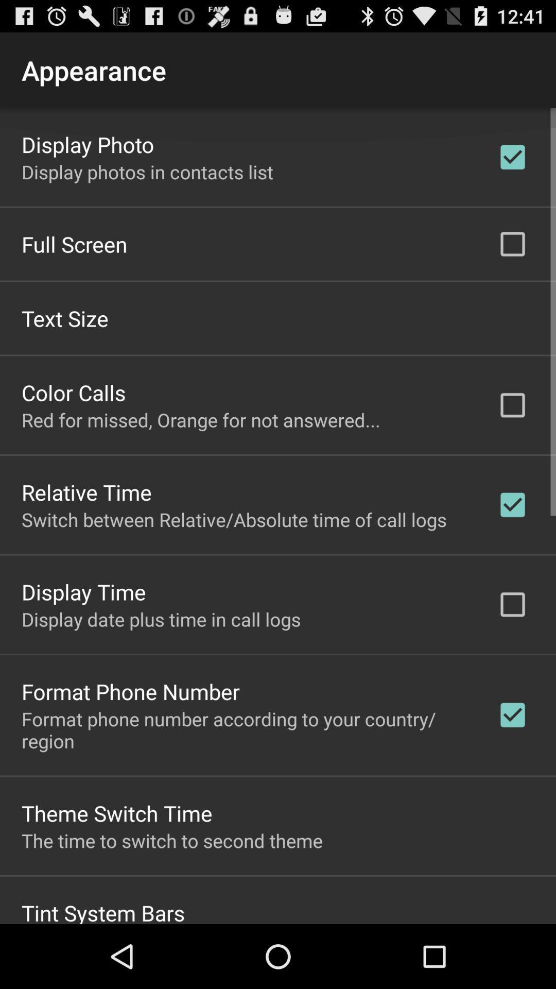  Describe the element at coordinates (234, 519) in the screenshot. I see `app below relative time app` at that location.